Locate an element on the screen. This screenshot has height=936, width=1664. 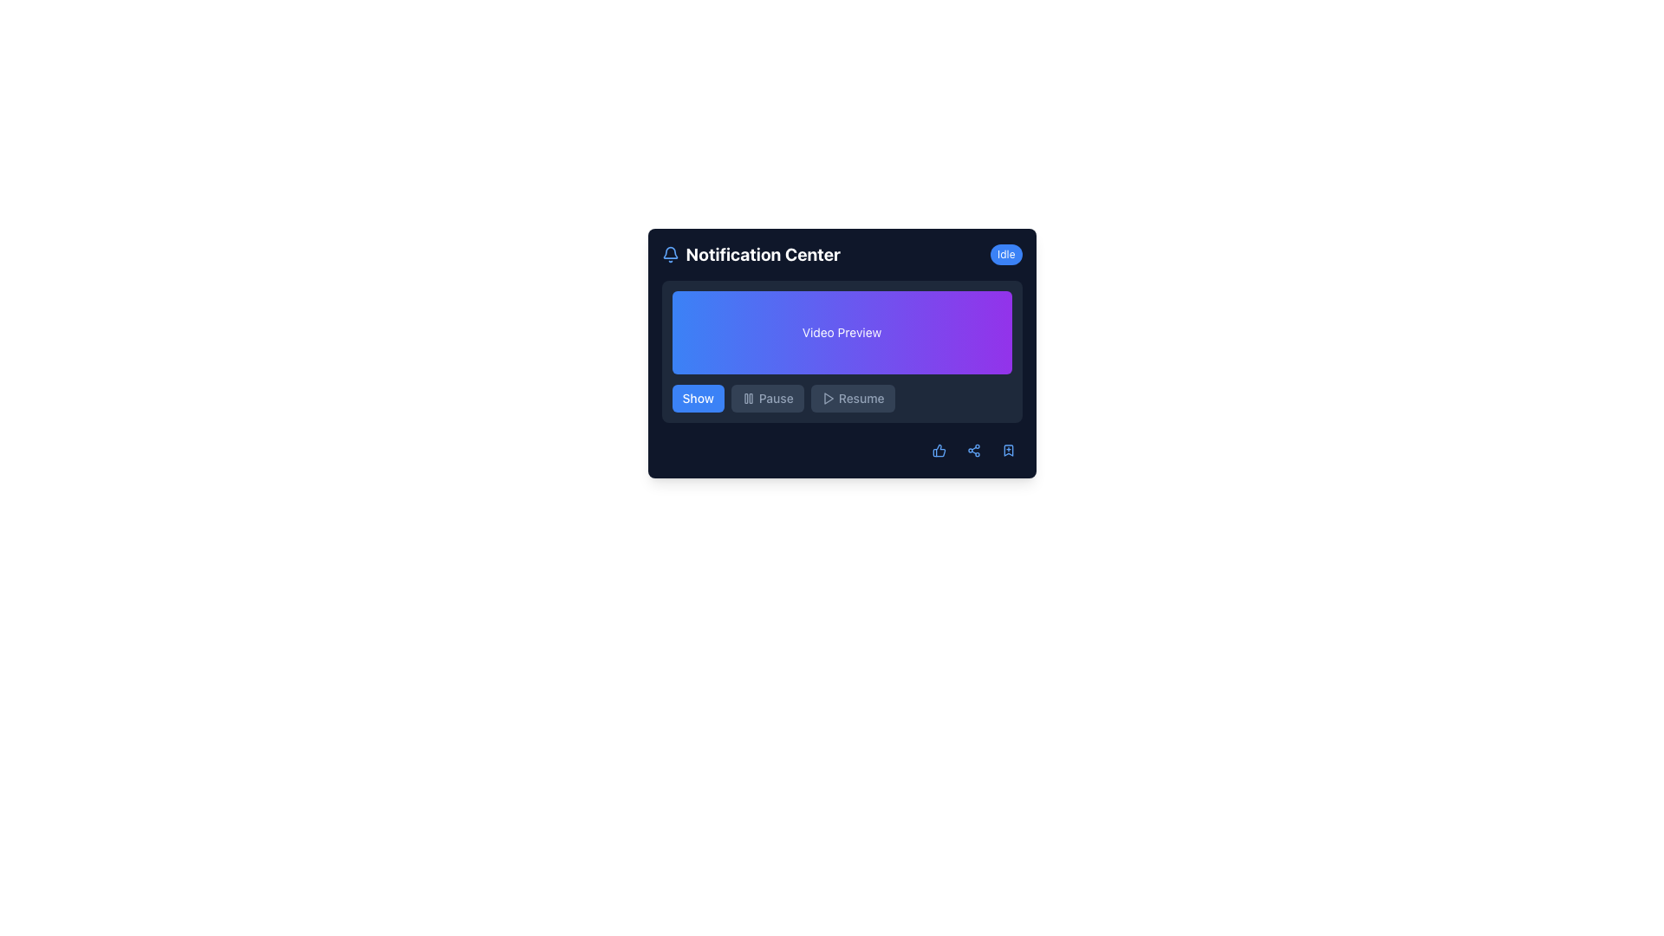
the notification section title or header, which is positioned to the right of a blue bell icon and to the left of an 'Idle' status indicator is located at coordinates (751, 254).